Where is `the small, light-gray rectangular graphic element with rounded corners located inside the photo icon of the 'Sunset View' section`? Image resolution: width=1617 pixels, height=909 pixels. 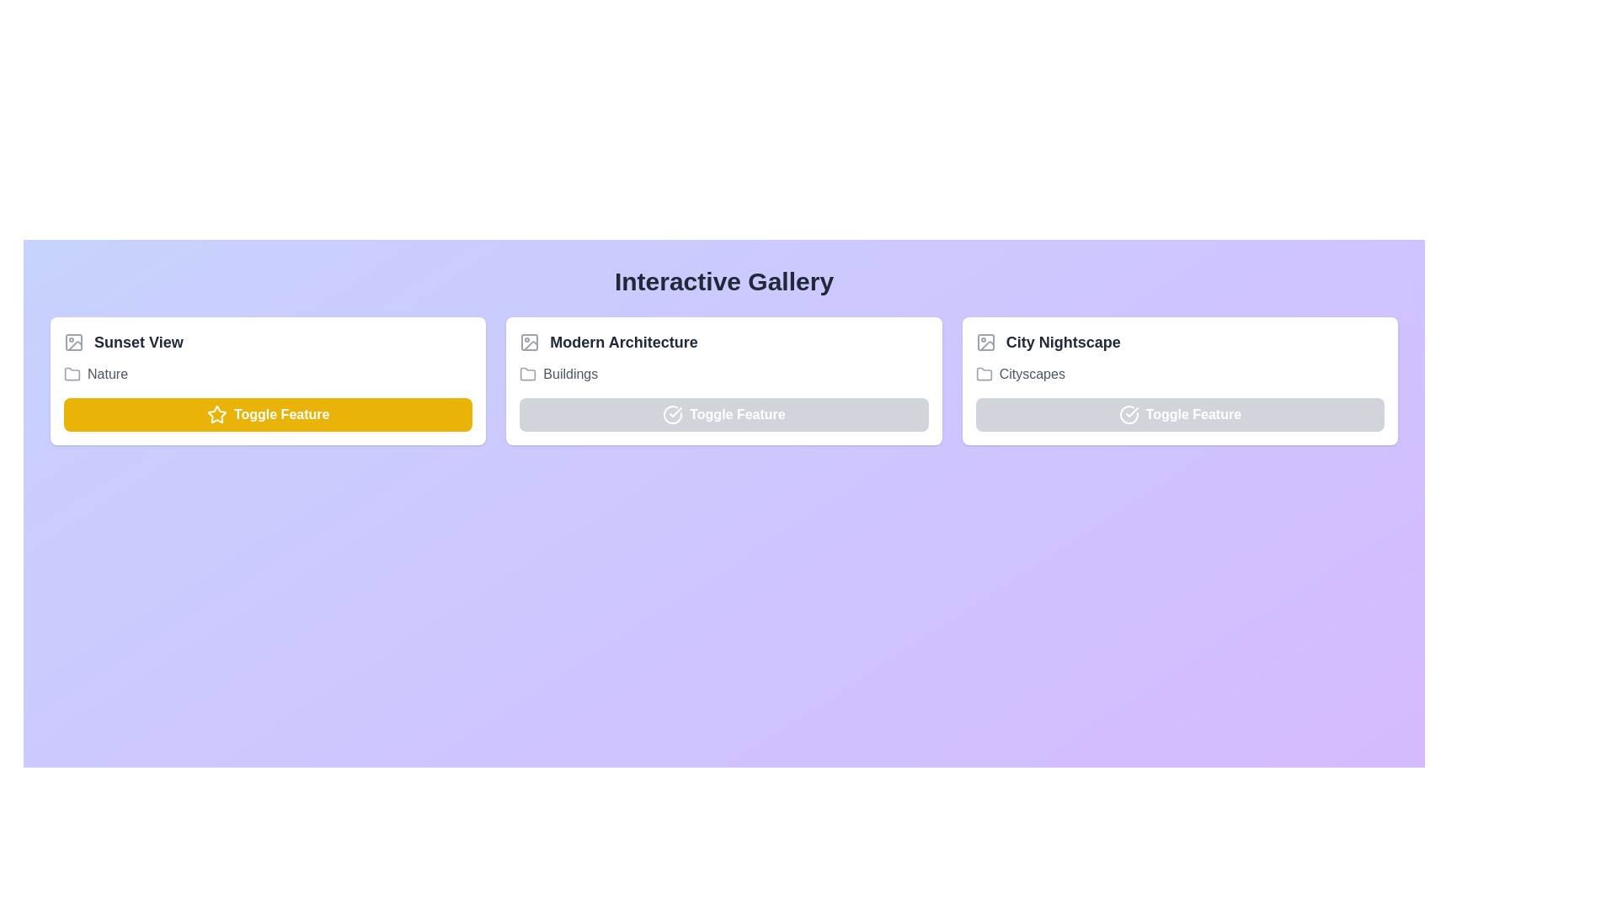 the small, light-gray rectangular graphic element with rounded corners located inside the photo icon of the 'Sunset View' section is located at coordinates (72, 342).